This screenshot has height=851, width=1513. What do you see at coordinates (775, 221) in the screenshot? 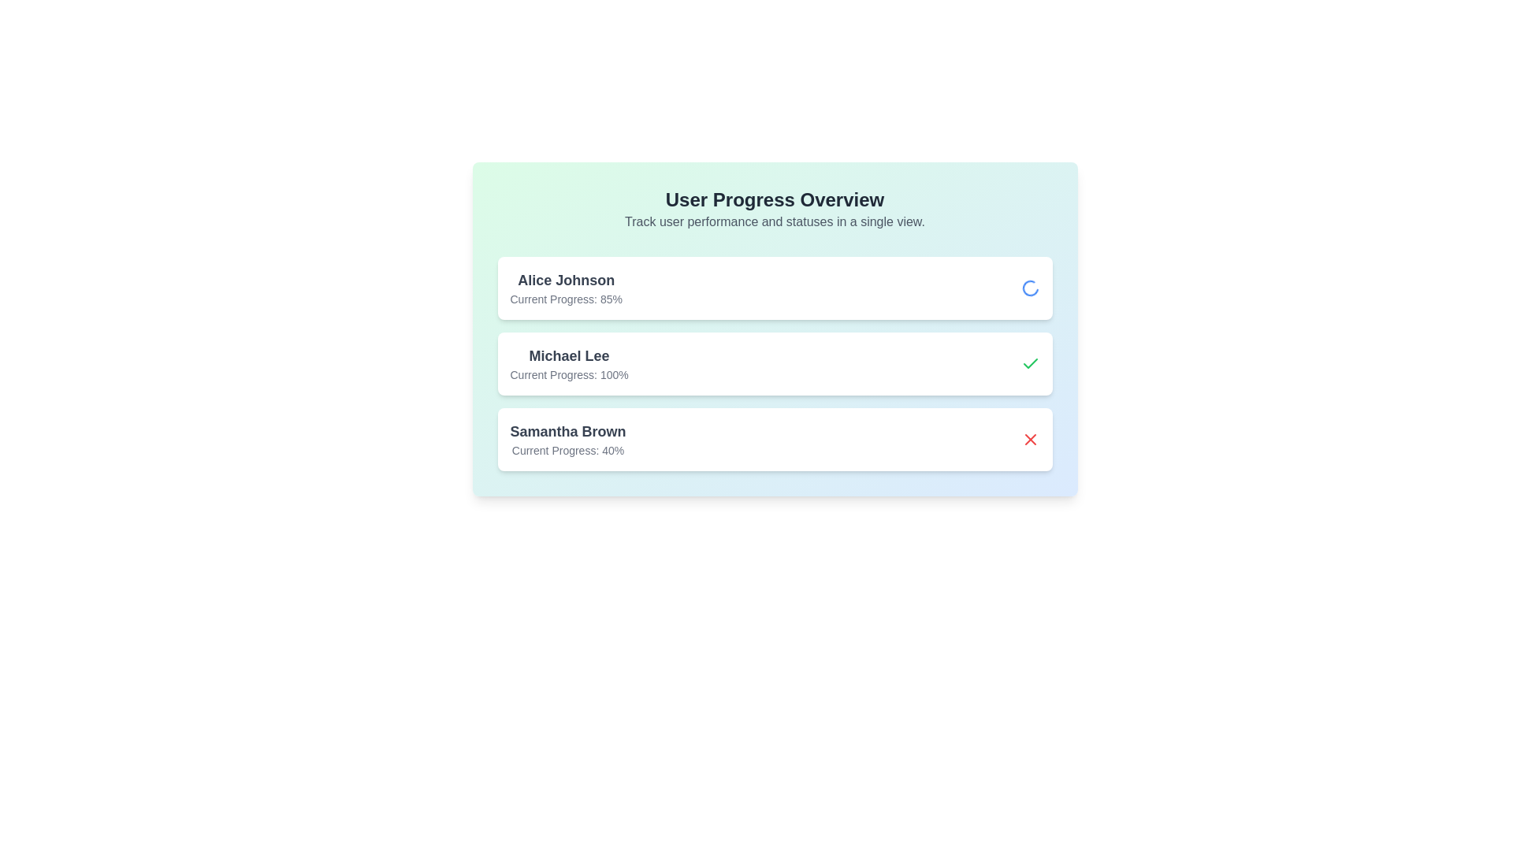
I see `text display that shows 'Track user performance and statuses in a single view.' located directly beneath the title 'User Progress Overview'` at bounding box center [775, 221].